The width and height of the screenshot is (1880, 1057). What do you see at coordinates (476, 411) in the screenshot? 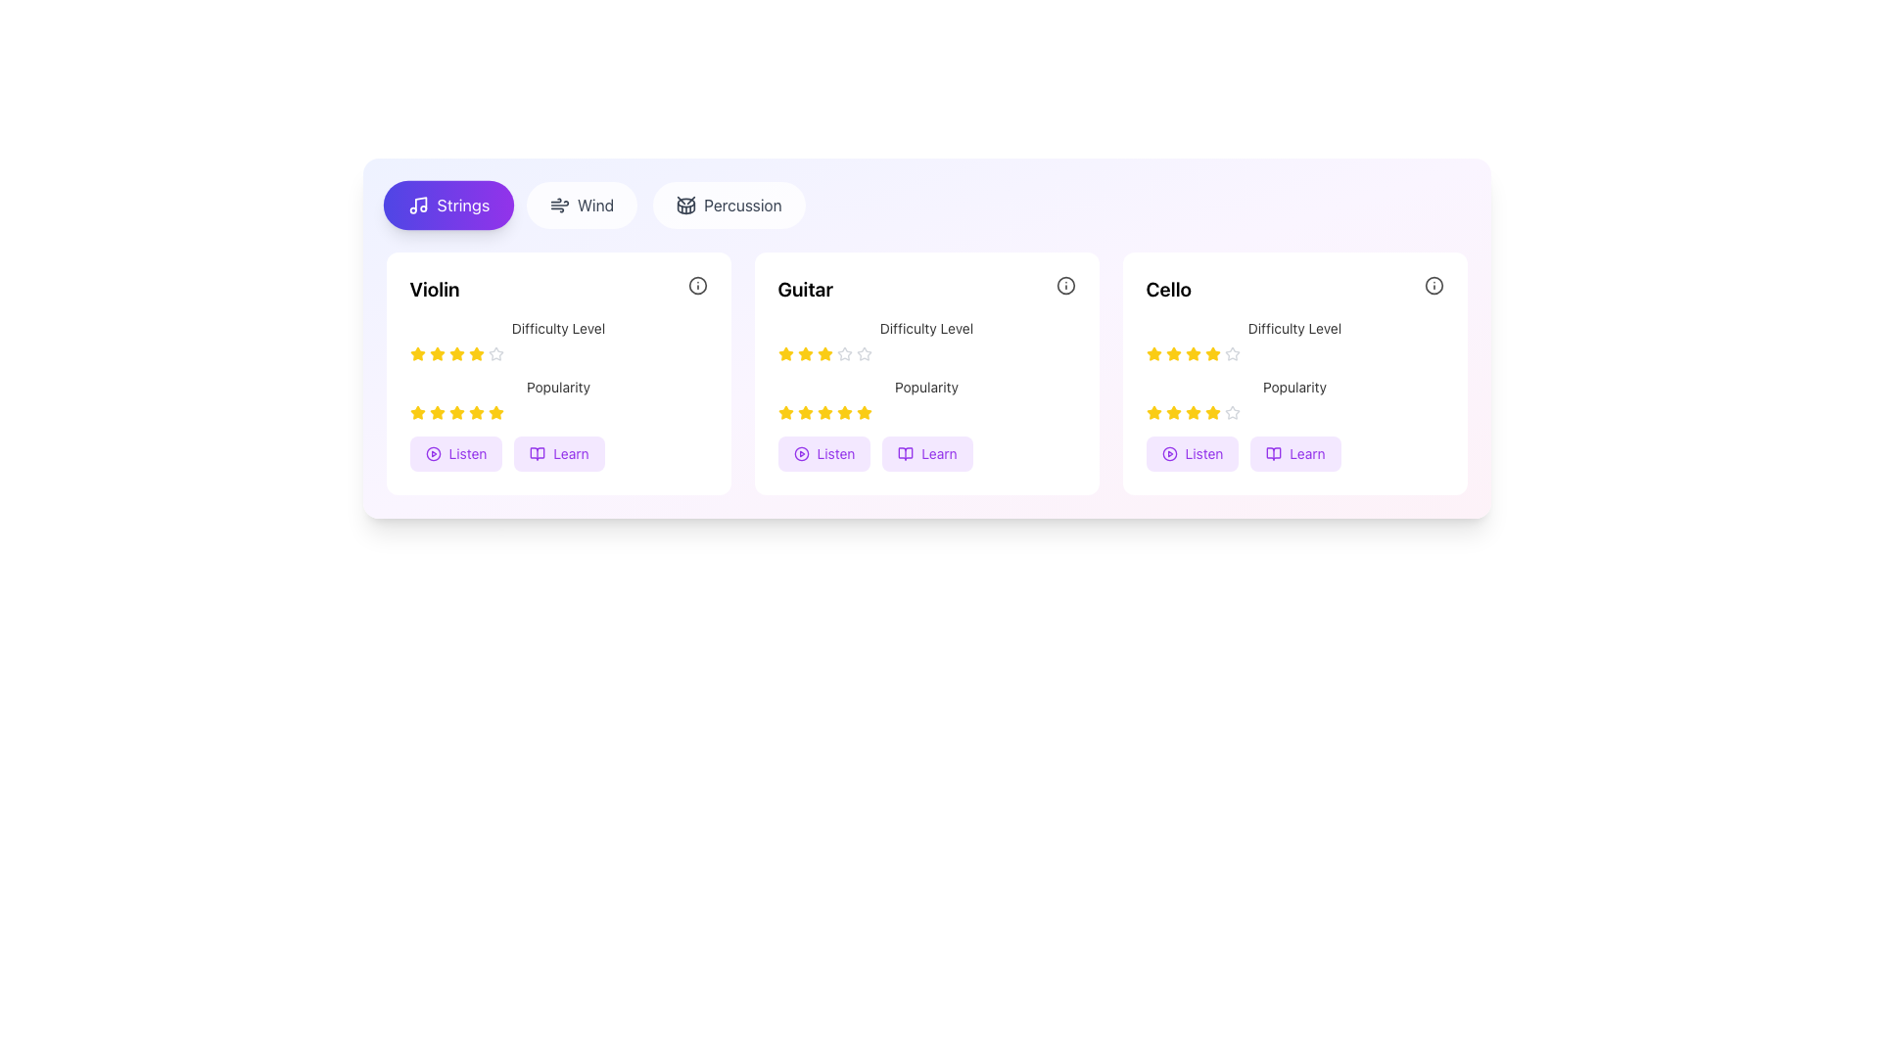
I see `the fifth yellow star-shaped icon in the popularity rating display of the card labeled 'Violin'` at bounding box center [476, 411].